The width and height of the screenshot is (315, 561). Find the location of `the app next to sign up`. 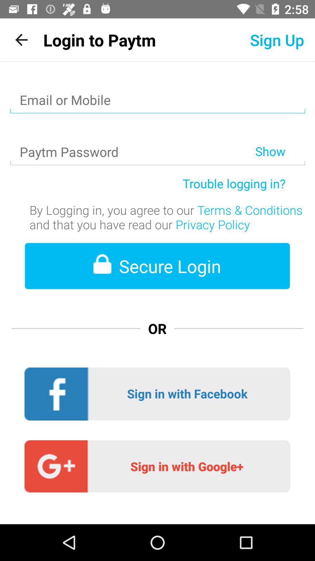

the app next to sign up is located at coordinates (99, 39).